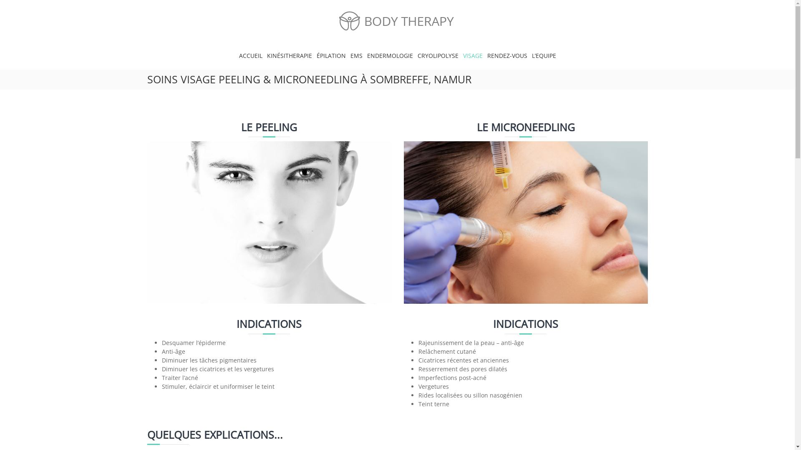  Describe the element at coordinates (250, 55) in the screenshot. I see `'ACCUEIL'` at that location.